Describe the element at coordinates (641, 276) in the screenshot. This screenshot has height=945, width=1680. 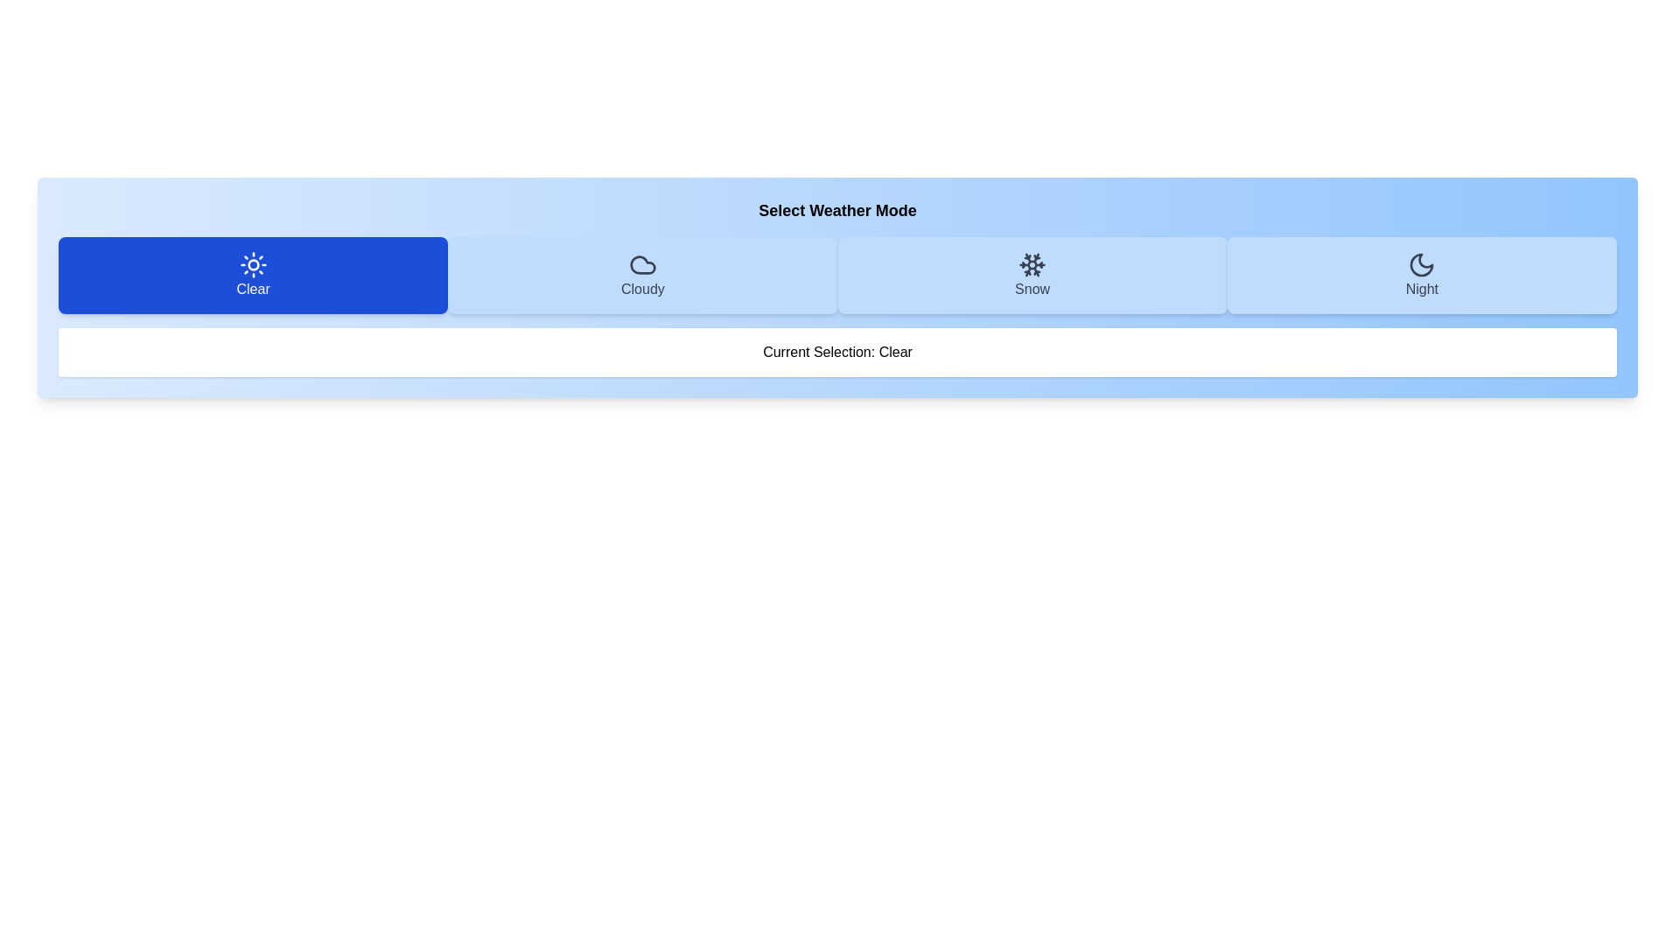
I see `the button corresponding to the weather mode Cloudy` at that location.